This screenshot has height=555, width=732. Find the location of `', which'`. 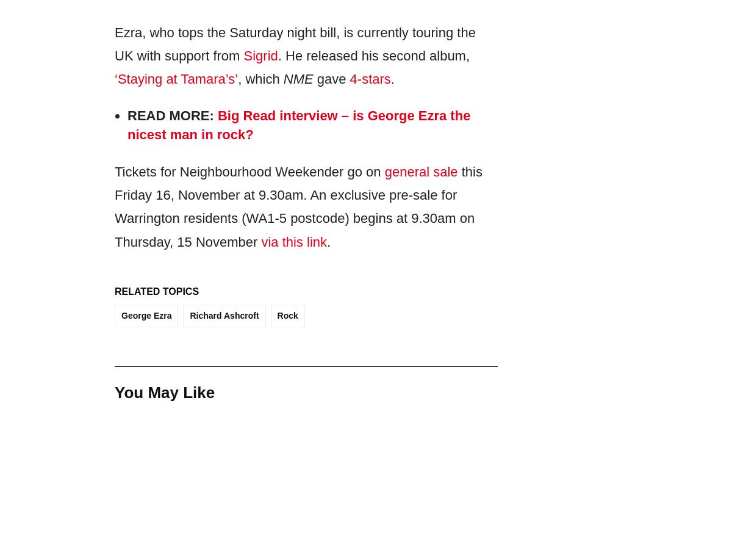

', which' is located at coordinates (260, 79).